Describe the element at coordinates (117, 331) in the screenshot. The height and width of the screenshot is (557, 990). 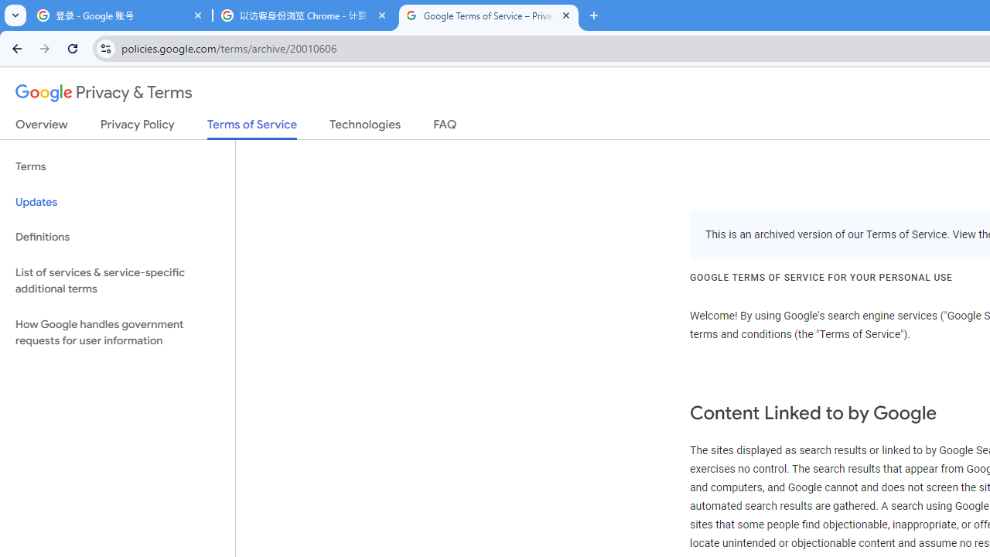
I see `'How Google handles government requests for user information'` at that location.